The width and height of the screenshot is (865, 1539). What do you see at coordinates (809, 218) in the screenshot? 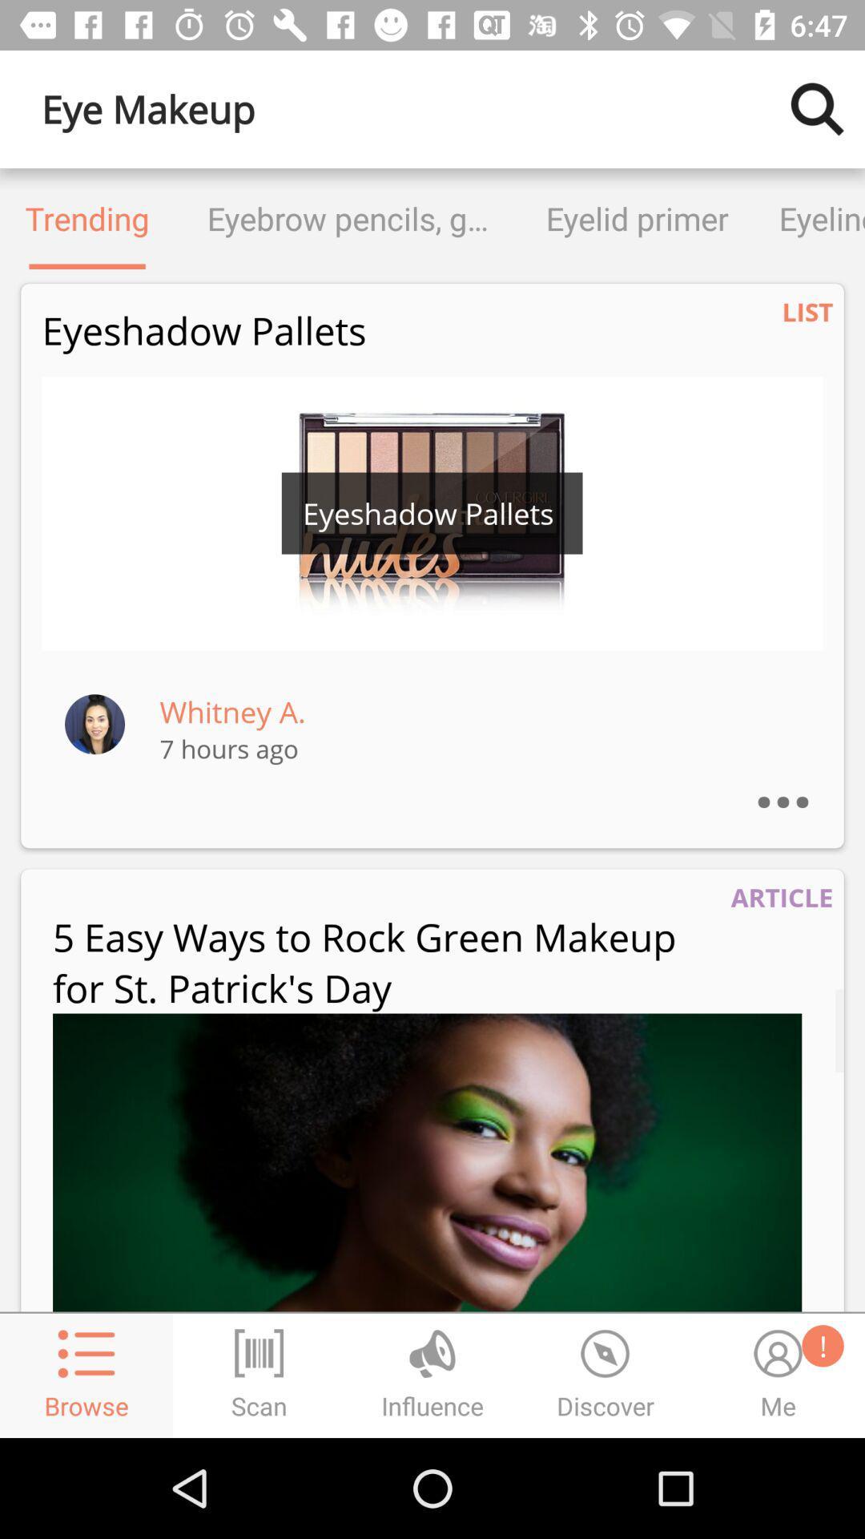
I see `icon above the list` at bounding box center [809, 218].